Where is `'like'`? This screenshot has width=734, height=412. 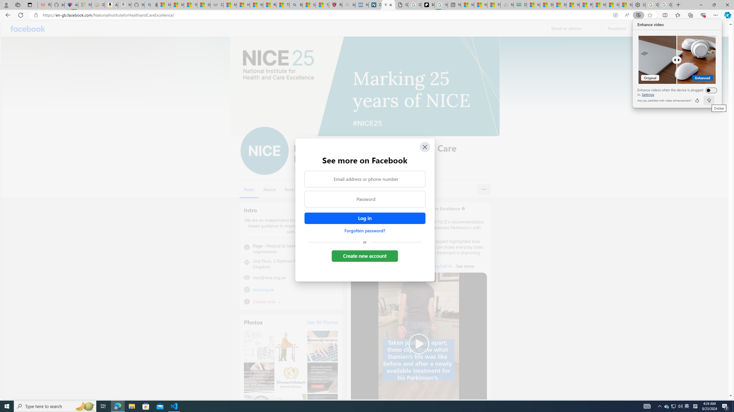
'like' is located at coordinates (696, 100).